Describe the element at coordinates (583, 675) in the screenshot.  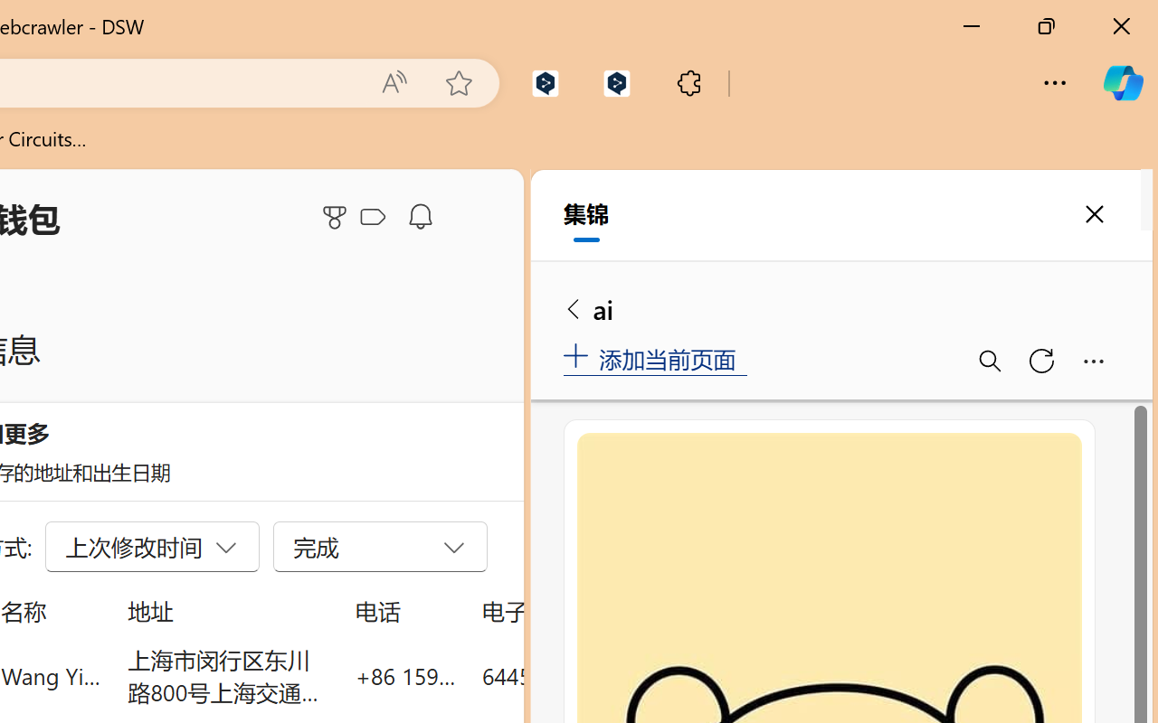
I see `'644553698@qq.com'` at that location.